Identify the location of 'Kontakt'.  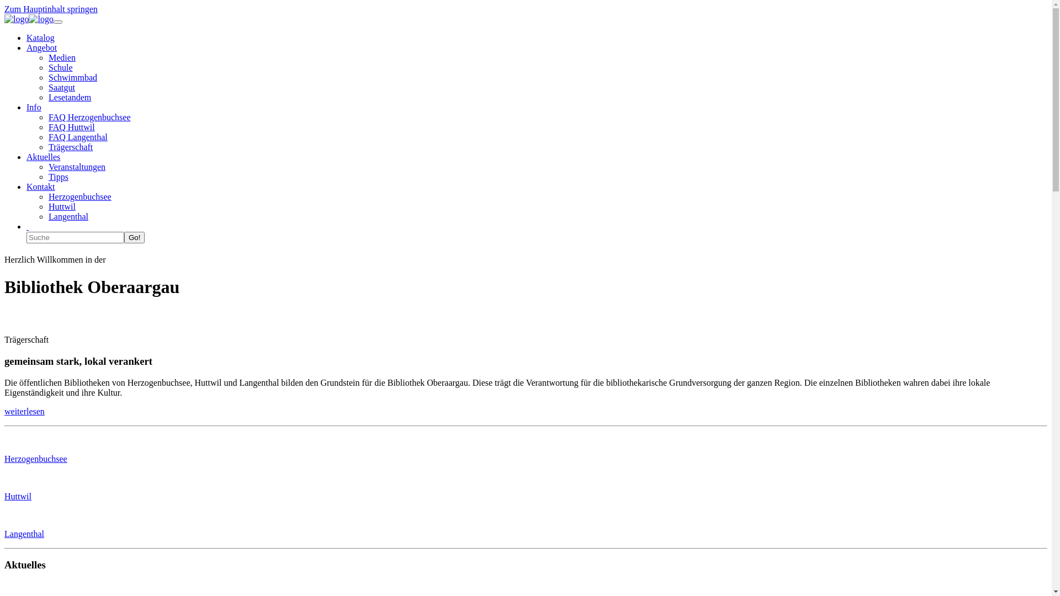
(40, 186).